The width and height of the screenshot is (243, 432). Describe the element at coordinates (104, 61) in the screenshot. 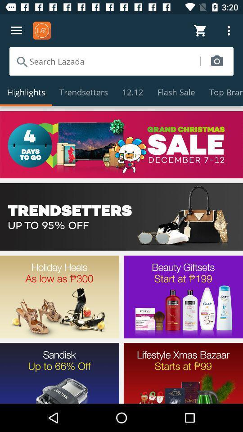

I see `search the store` at that location.